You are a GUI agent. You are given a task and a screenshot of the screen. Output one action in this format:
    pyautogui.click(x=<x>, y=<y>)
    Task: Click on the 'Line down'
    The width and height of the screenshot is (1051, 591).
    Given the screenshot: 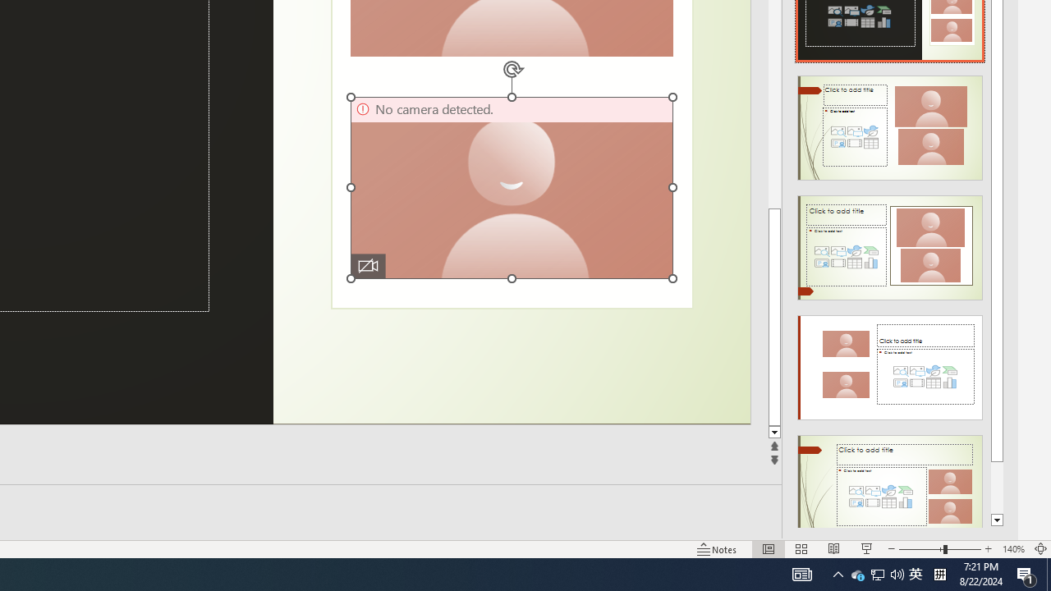 What is the action you would take?
    pyautogui.click(x=773, y=432)
    